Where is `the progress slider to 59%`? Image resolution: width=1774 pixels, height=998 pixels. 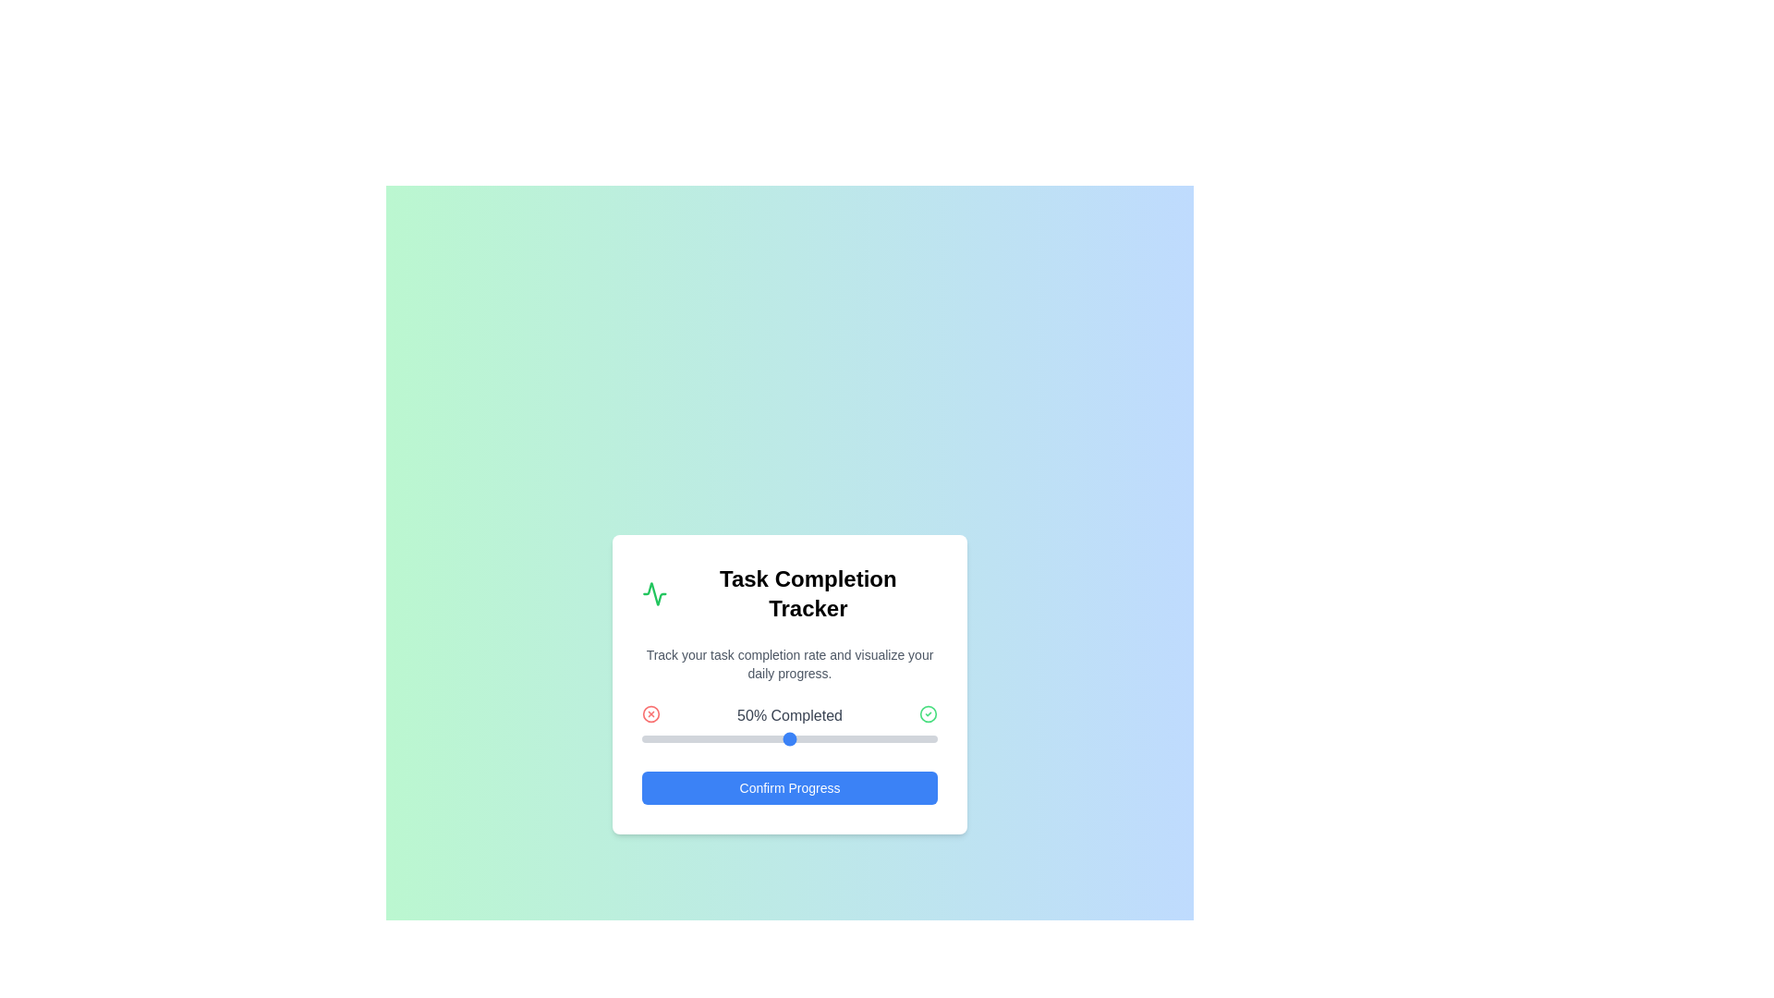 the progress slider to 59% is located at coordinates (815, 737).